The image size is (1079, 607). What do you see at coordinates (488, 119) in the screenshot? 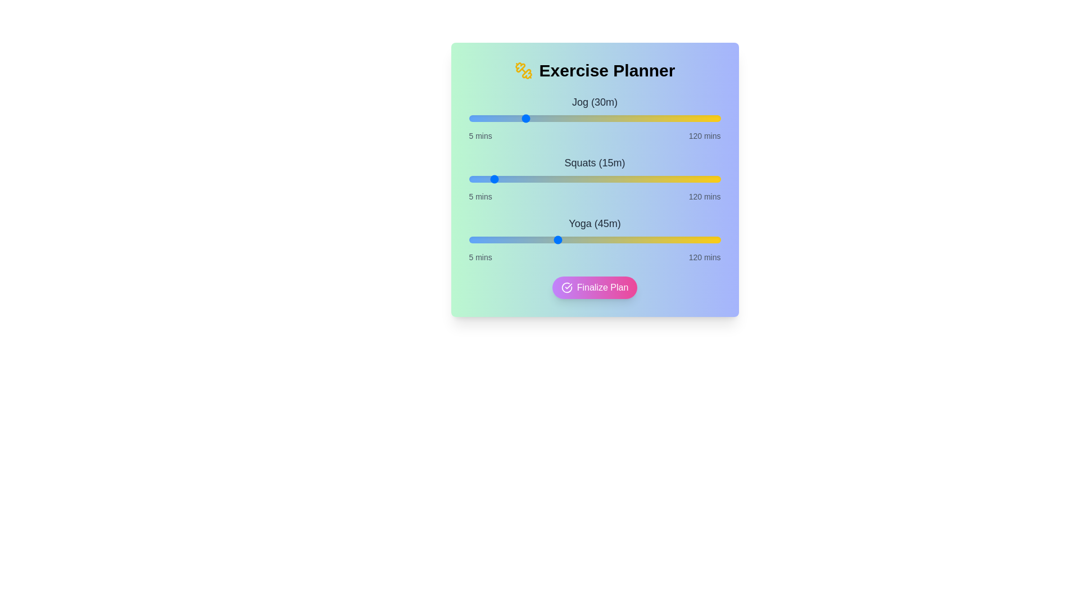
I see `the duration of the 0 slider to 14 minutes` at bounding box center [488, 119].